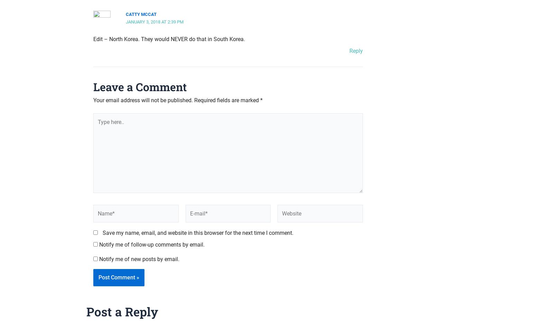  What do you see at coordinates (86, 310) in the screenshot?
I see `'Post a Reply'` at bounding box center [86, 310].